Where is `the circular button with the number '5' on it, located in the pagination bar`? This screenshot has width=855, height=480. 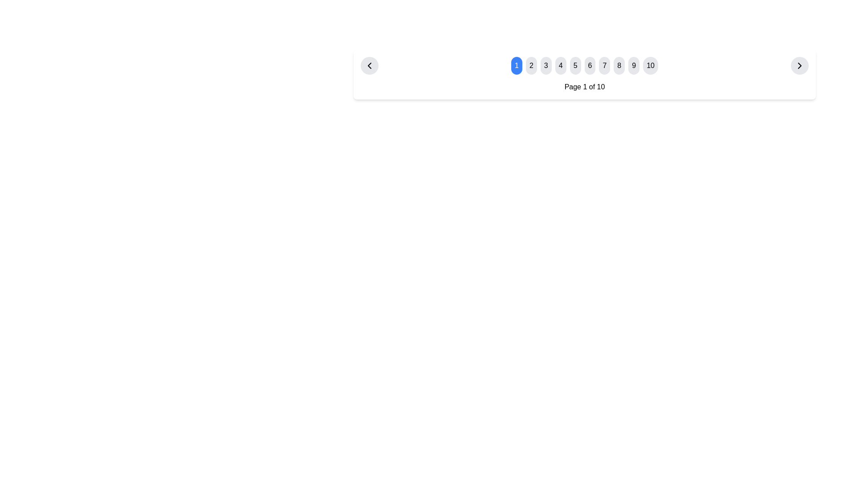
the circular button with the number '5' on it, located in the pagination bar is located at coordinates (575, 65).